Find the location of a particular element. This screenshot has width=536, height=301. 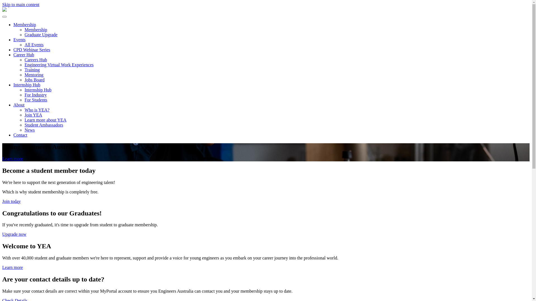

'For Industry' is located at coordinates (35, 94).